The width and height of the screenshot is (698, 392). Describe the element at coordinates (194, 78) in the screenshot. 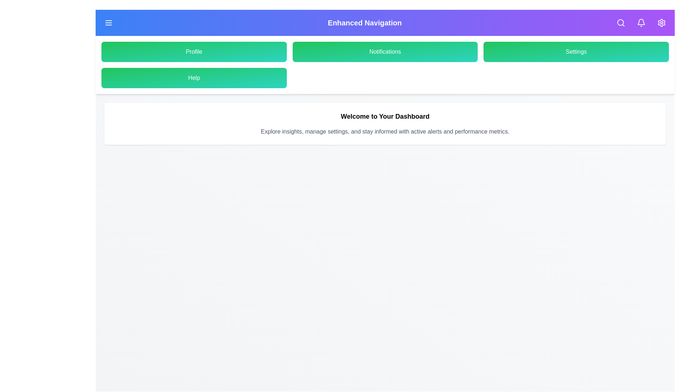

I see `the 'Help' button in the menu` at that location.